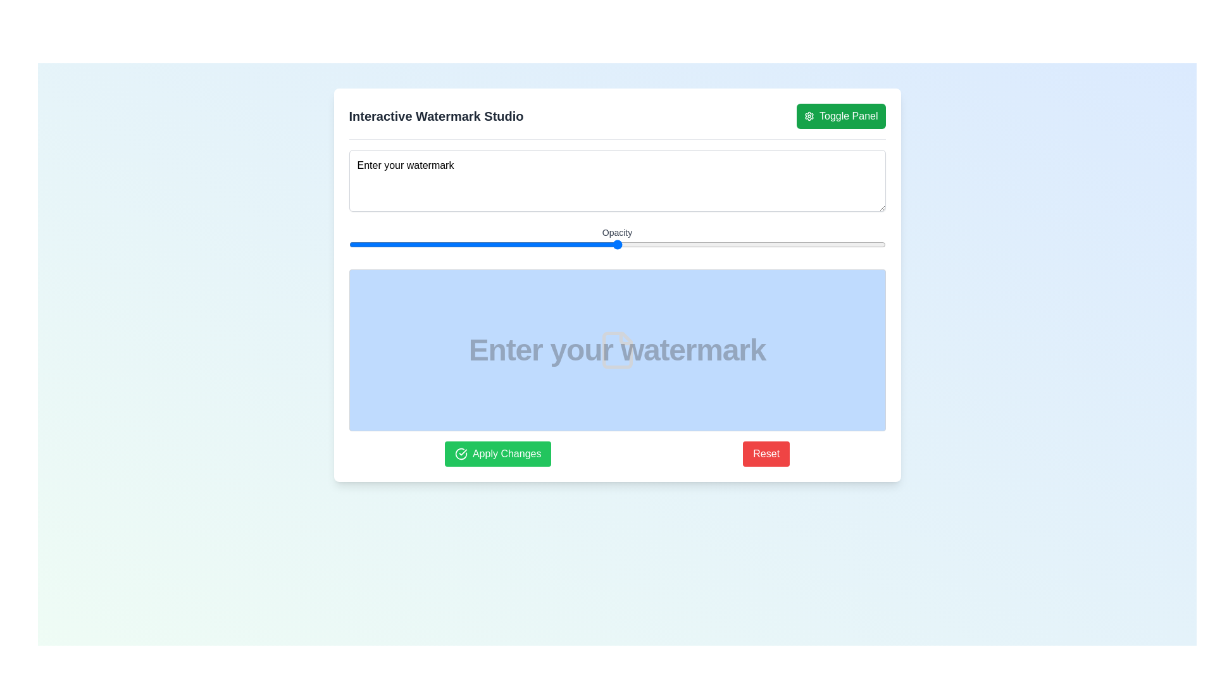 The image size is (1215, 683). What do you see at coordinates (617, 350) in the screenshot?
I see `the text display element that shows 'Enter your watermark', which is centrally positioned within a light blue background and aligned with a faint folder icon` at bounding box center [617, 350].